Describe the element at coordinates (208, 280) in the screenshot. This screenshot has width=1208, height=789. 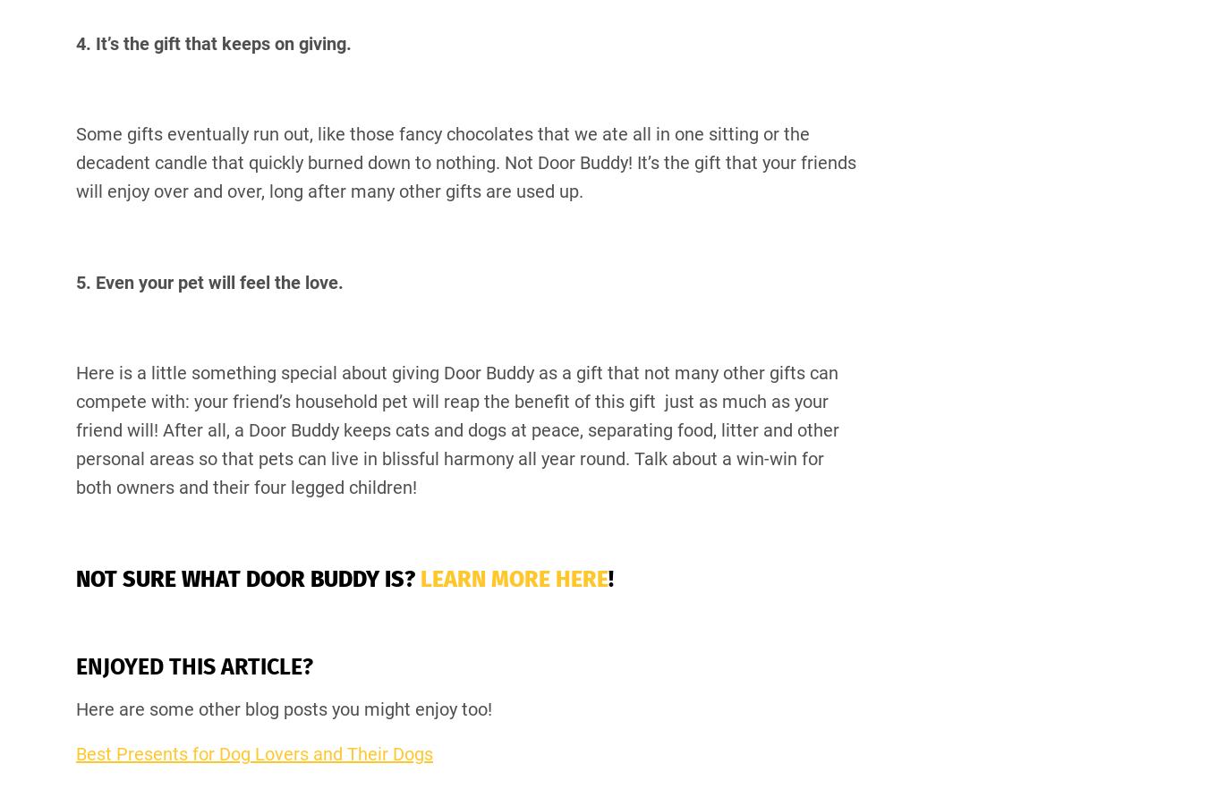
I see `'5. Even your pet will feel the love.'` at that location.